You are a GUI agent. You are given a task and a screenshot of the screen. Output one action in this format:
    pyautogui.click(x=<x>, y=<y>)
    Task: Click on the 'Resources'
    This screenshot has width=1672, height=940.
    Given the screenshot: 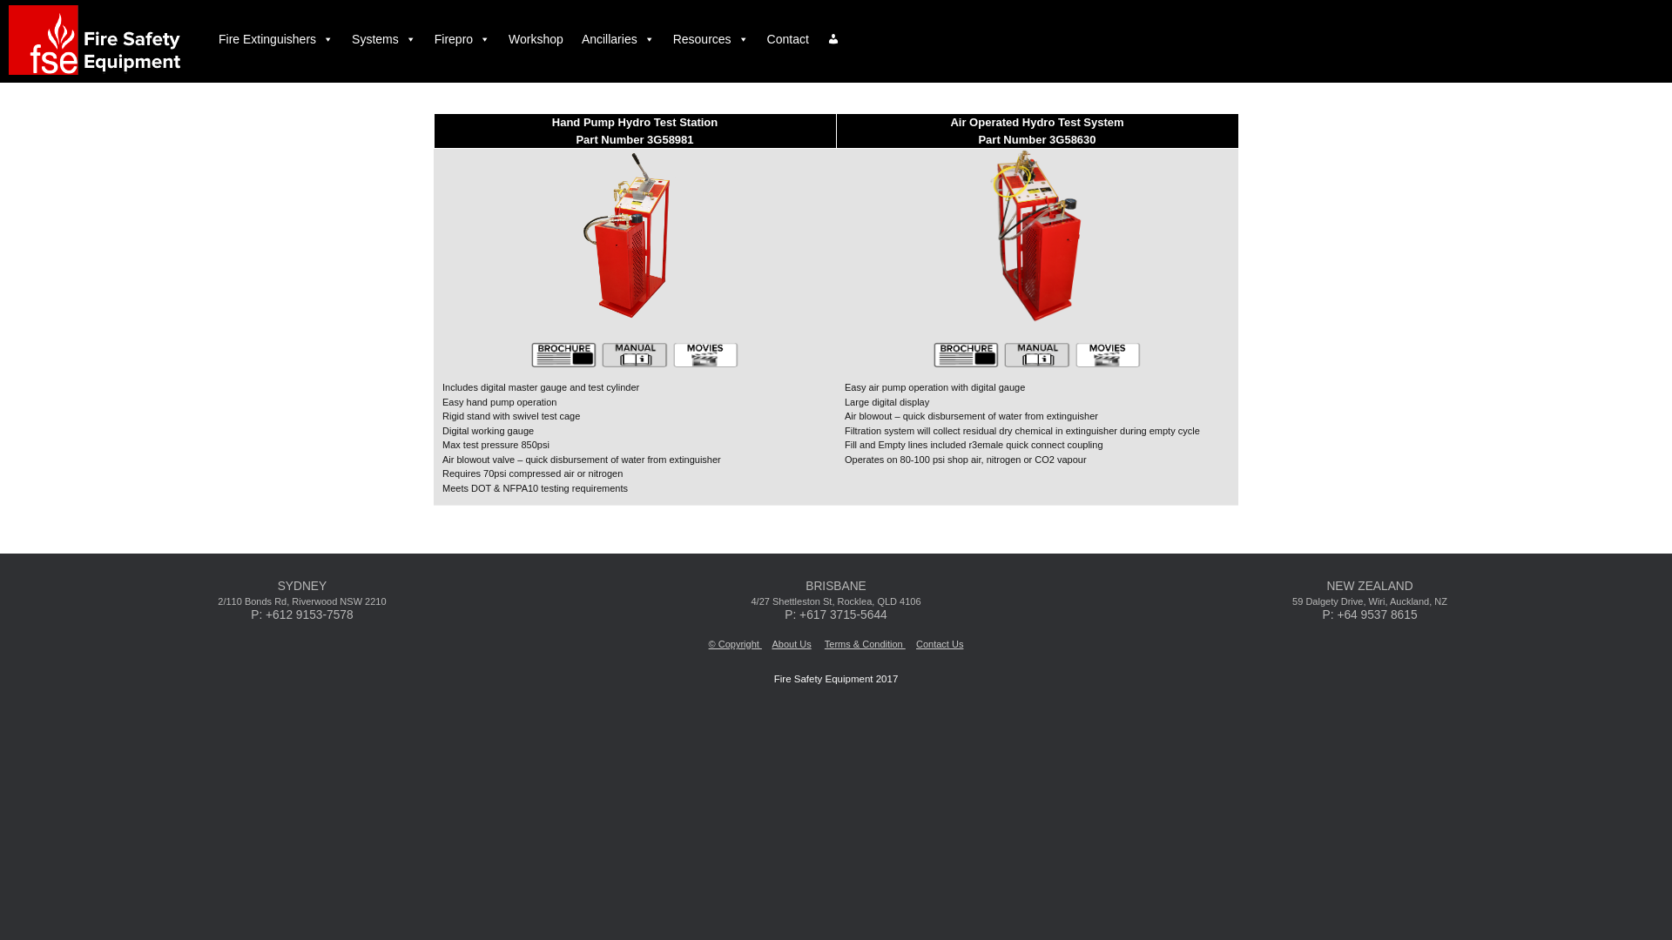 What is the action you would take?
    pyautogui.click(x=711, y=39)
    